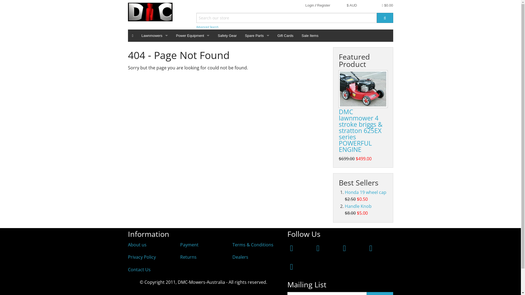  Describe the element at coordinates (189, 244) in the screenshot. I see `'Payment'` at that location.